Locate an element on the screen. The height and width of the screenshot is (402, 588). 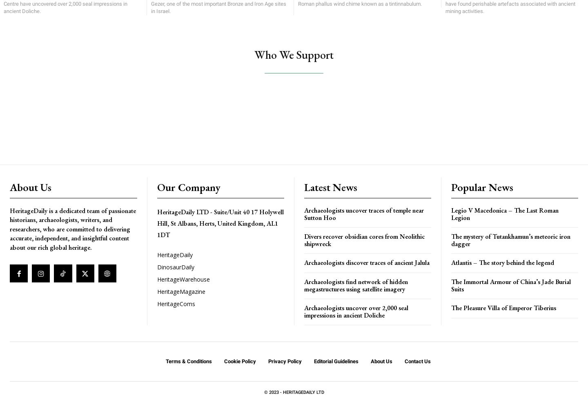
'The Immortal Armour of China’s Jade Burial Suits' is located at coordinates (510, 285).